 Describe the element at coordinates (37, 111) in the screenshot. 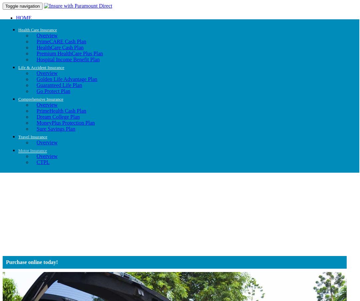

I see `'PrimeHealth Cash Plan'` at that location.